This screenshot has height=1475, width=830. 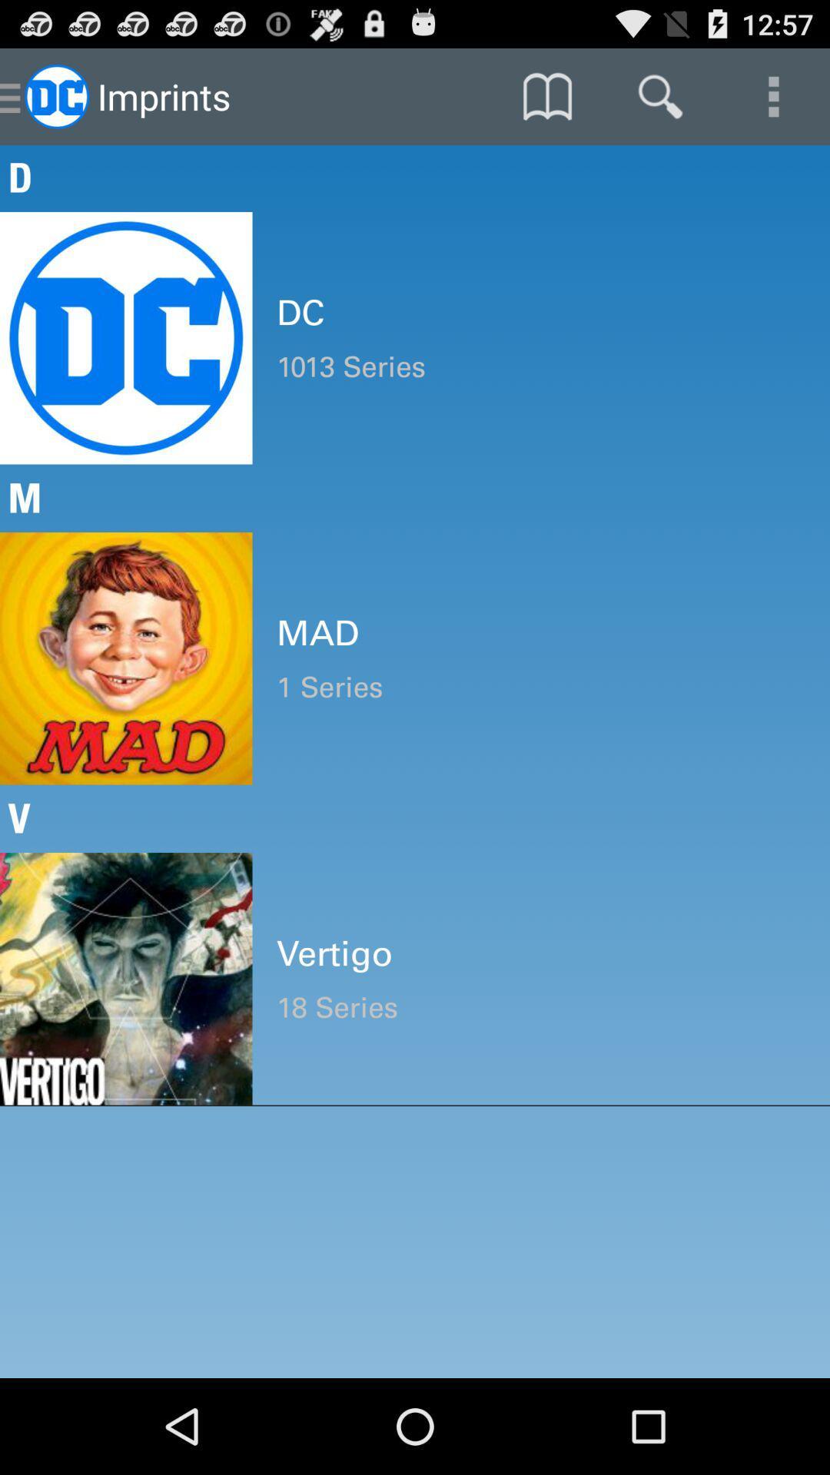 I want to click on icon above 18 series item, so click(x=540, y=953).